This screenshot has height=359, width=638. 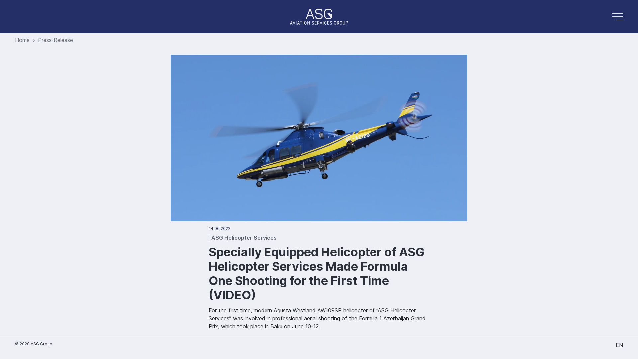 What do you see at coordinates (55, 40) in the screenshot?
I see `'Press-Release'` at bounding box center [55, 40].